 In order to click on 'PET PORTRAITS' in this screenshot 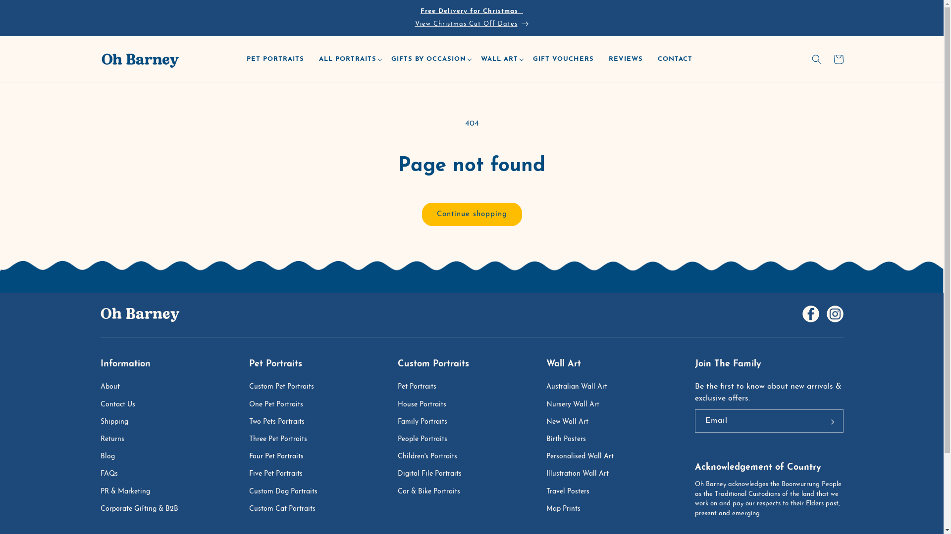, I will do `click(277, 59)`.